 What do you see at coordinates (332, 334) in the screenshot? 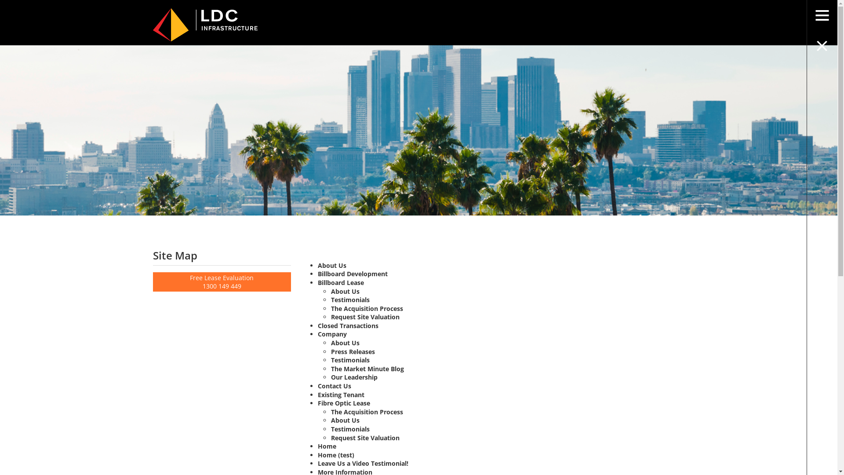
I see `'Company'` at bounding box center [332, 334].